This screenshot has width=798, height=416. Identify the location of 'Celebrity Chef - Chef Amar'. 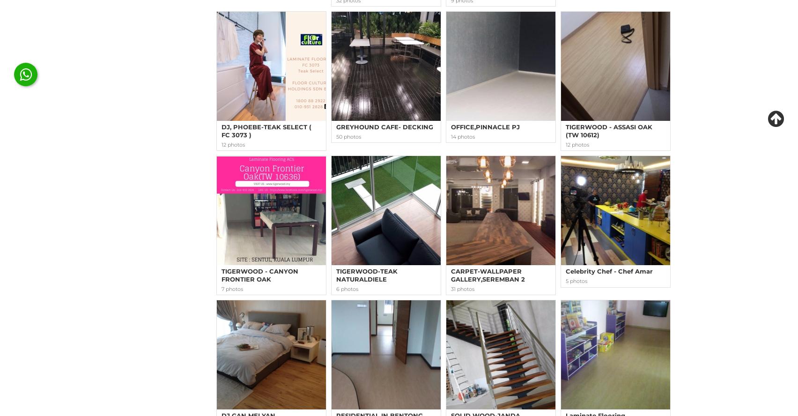
(609, 271).